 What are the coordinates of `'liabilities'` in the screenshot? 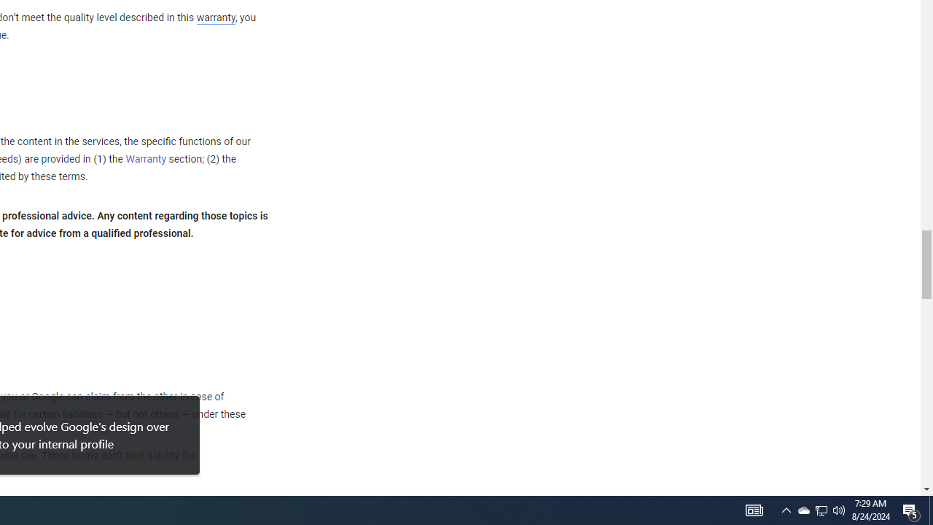 It's located at (82, 414).